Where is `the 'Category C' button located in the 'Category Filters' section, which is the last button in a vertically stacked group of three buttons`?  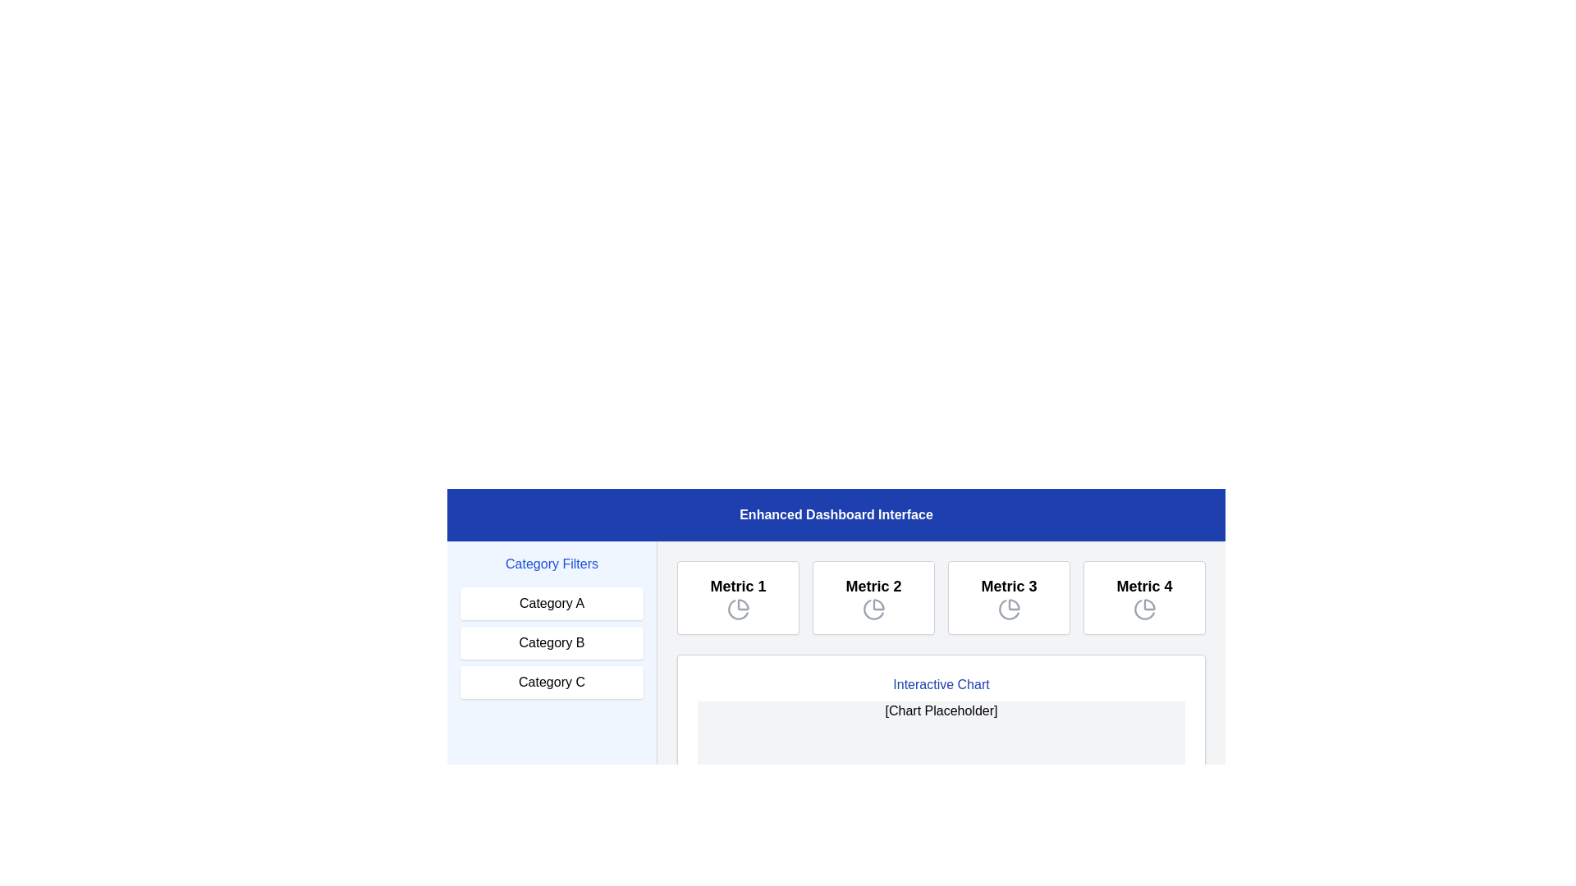 the 'Category C' button located in the 'Category Filters' section, which is the last button in a vertically stacked group of three buttons is located at coordinates (552, 683).